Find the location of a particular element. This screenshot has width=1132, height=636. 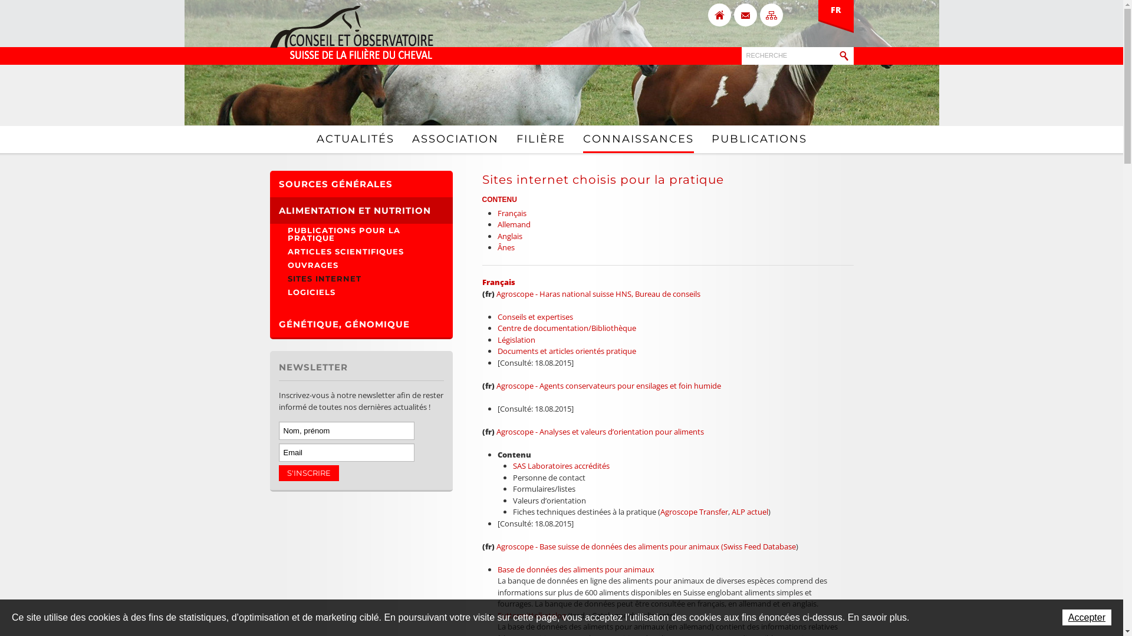

'CONNAISSANCES' is located at coordinates (637, 138).